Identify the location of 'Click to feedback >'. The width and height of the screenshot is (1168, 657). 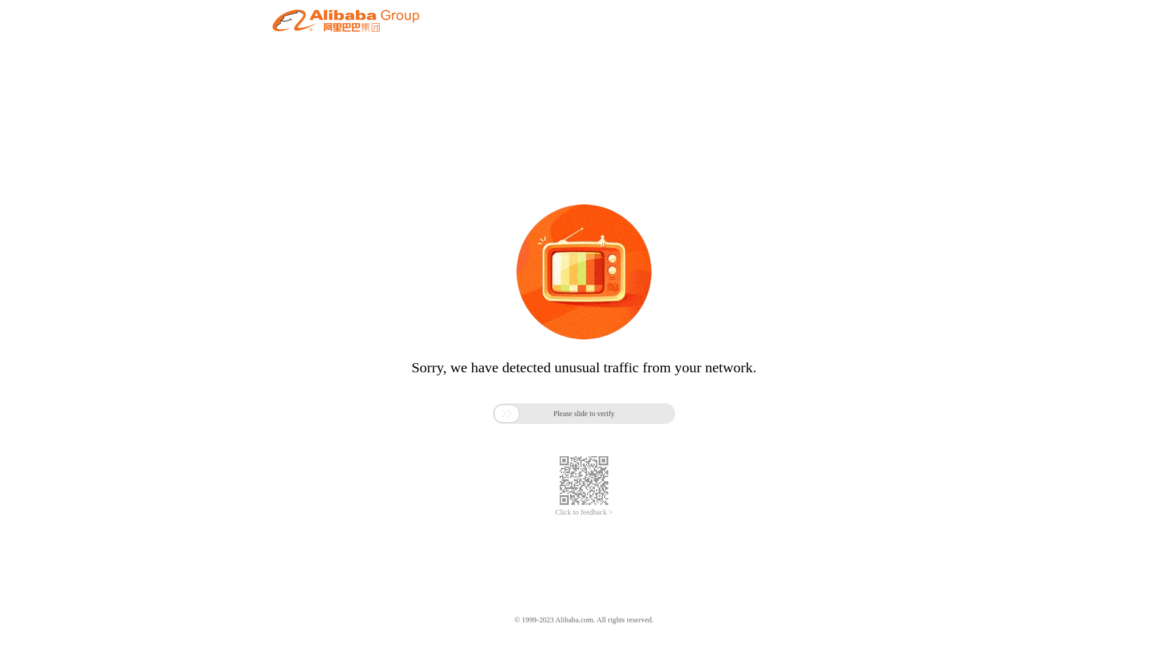
(584, 512).